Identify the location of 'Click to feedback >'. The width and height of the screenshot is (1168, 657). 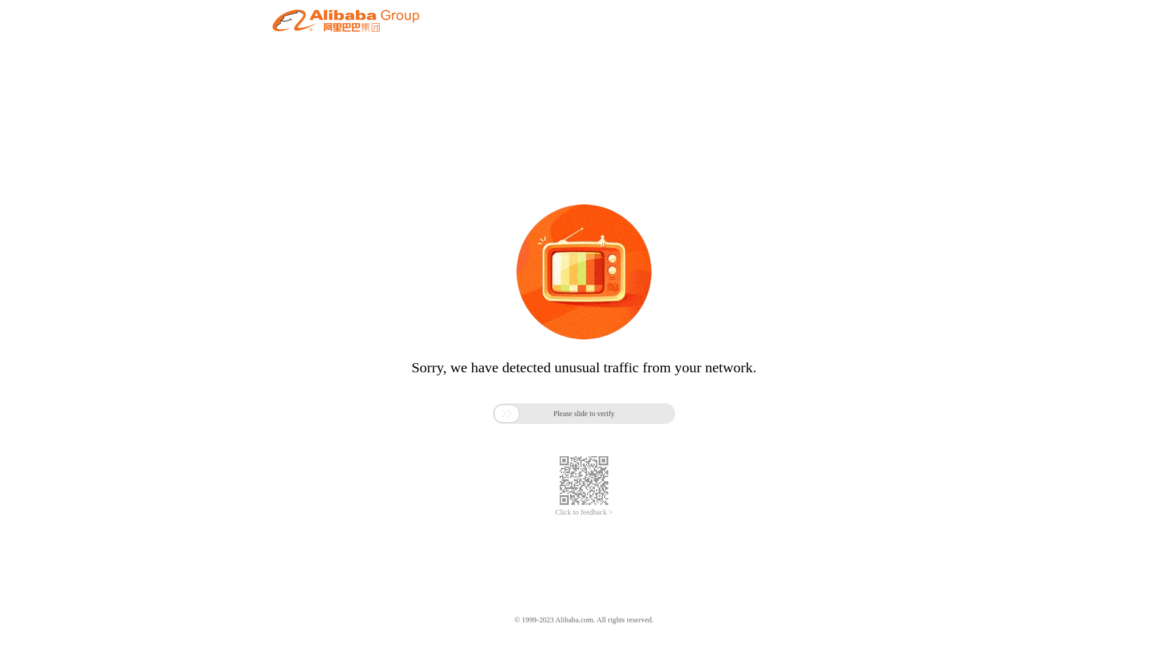
(584, 512).